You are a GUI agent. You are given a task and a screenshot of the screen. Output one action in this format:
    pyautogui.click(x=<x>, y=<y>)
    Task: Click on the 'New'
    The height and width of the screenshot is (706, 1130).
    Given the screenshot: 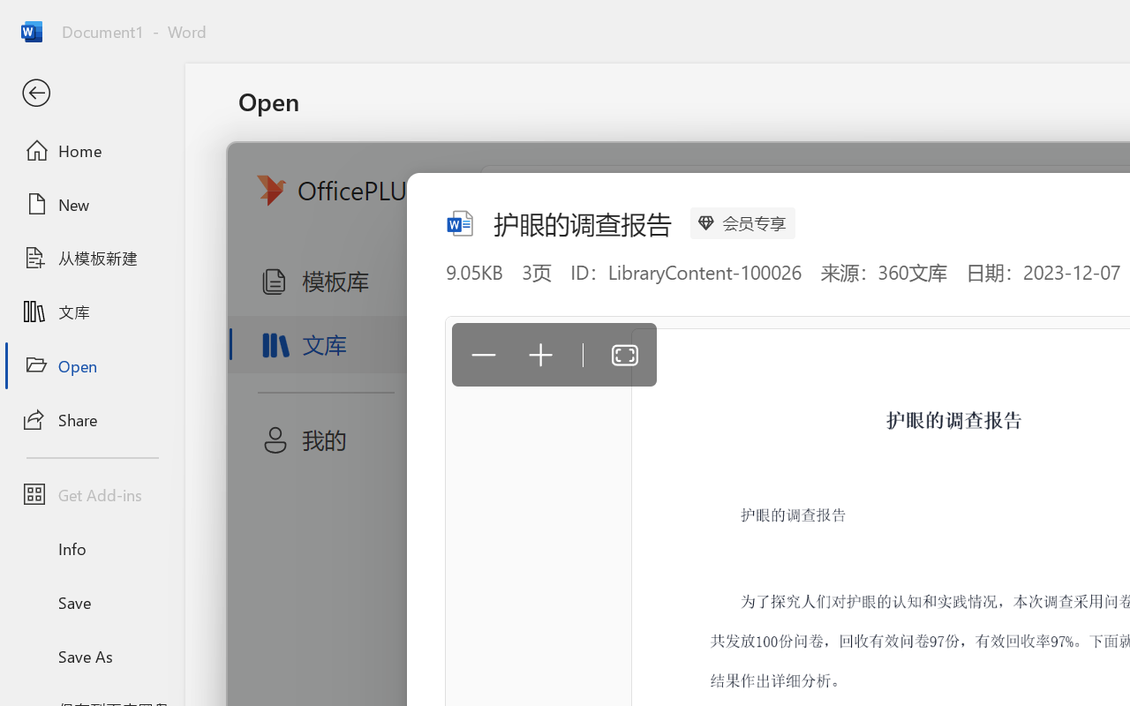 What is the action you would take?
    pyautogui.click(x=91, y=204)
    